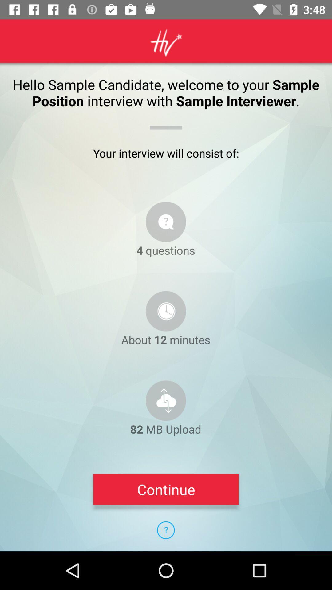  I want to click on item below continue icon, so click(165, 530).